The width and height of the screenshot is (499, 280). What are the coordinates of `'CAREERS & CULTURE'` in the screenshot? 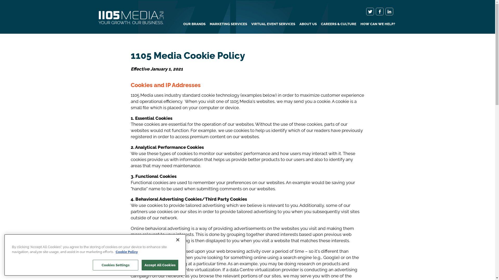 It's located at (338, 24).